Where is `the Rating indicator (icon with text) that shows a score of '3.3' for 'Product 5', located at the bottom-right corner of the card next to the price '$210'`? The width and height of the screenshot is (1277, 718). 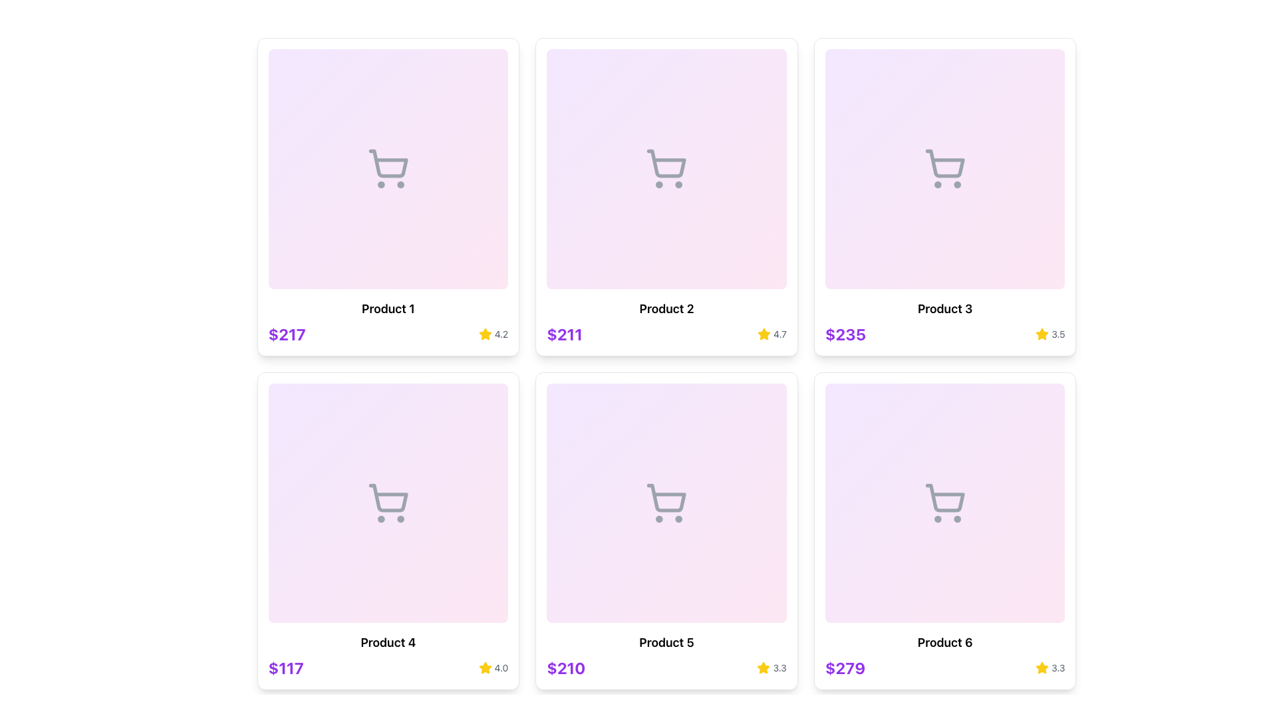 the Rating indicator (icon with text) that shows a score of '3.3' for 'Product 5', located at the bottom-right corner of the card next to the price '$210' is located at coordinates (772, 668).